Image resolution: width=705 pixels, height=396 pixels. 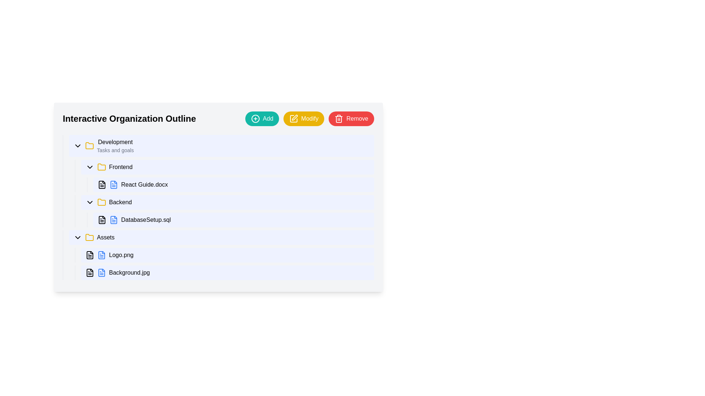 What do you see at coordinates (121, 254) in the screenshot?
I see `the text label displaying 'Logo.png', which is the third row under the folder 'Assets' in a list of files with a light indigo background` at bounding box center [121, 254].